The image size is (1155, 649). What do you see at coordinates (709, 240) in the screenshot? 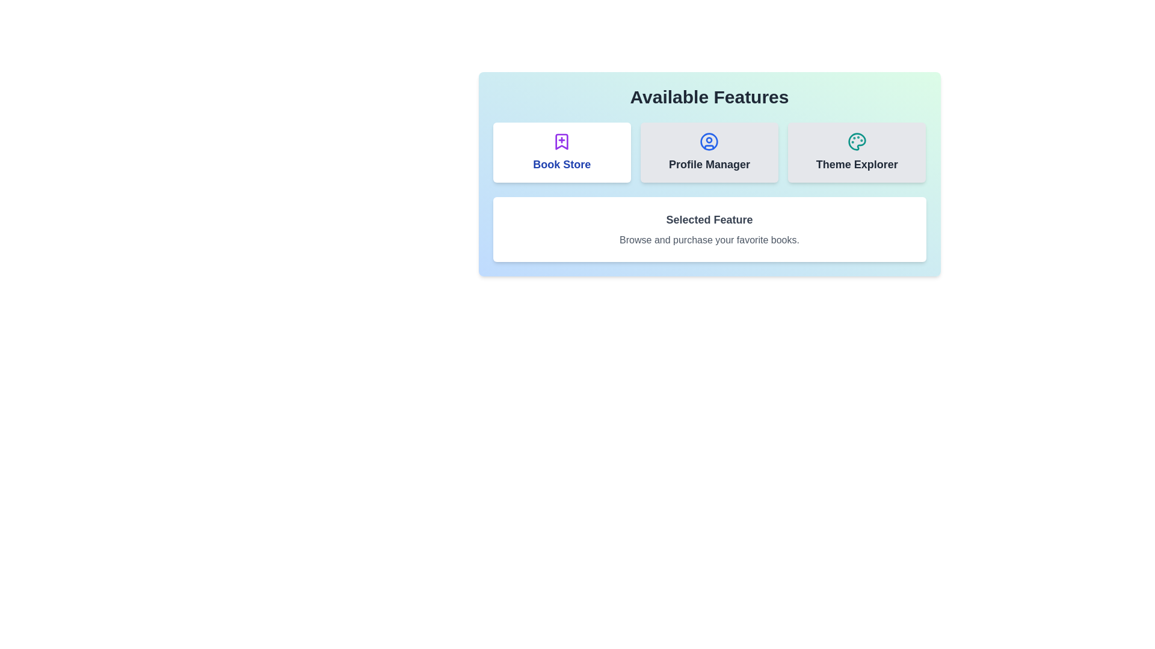
I see `styling of the text label that says 'Browse and purchase your favorite books.' located below the heading 'Selected Feature' in the card-like structure` at bounding box center [709, 240].